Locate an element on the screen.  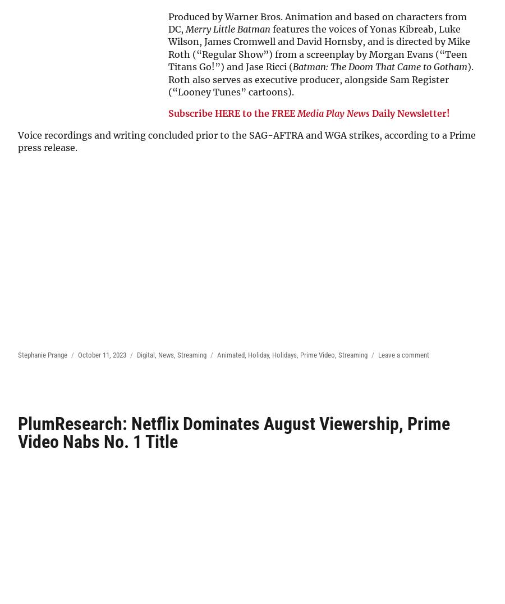
'Digital' is located at coordinates (145, 354).